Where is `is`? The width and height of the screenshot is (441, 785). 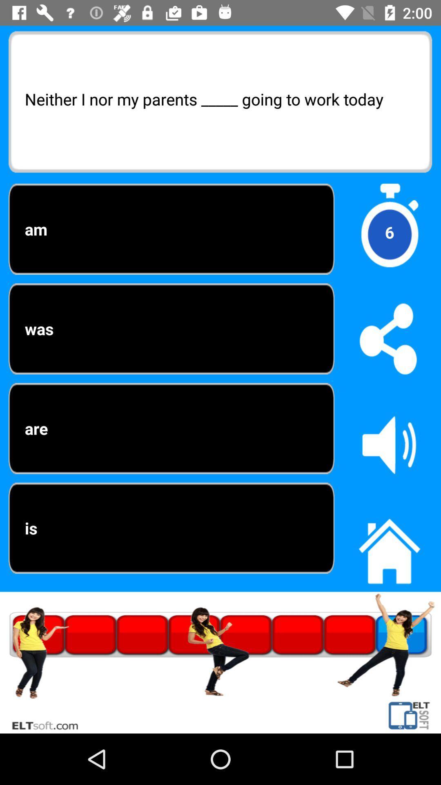 is is located at coordinates (171, 528).